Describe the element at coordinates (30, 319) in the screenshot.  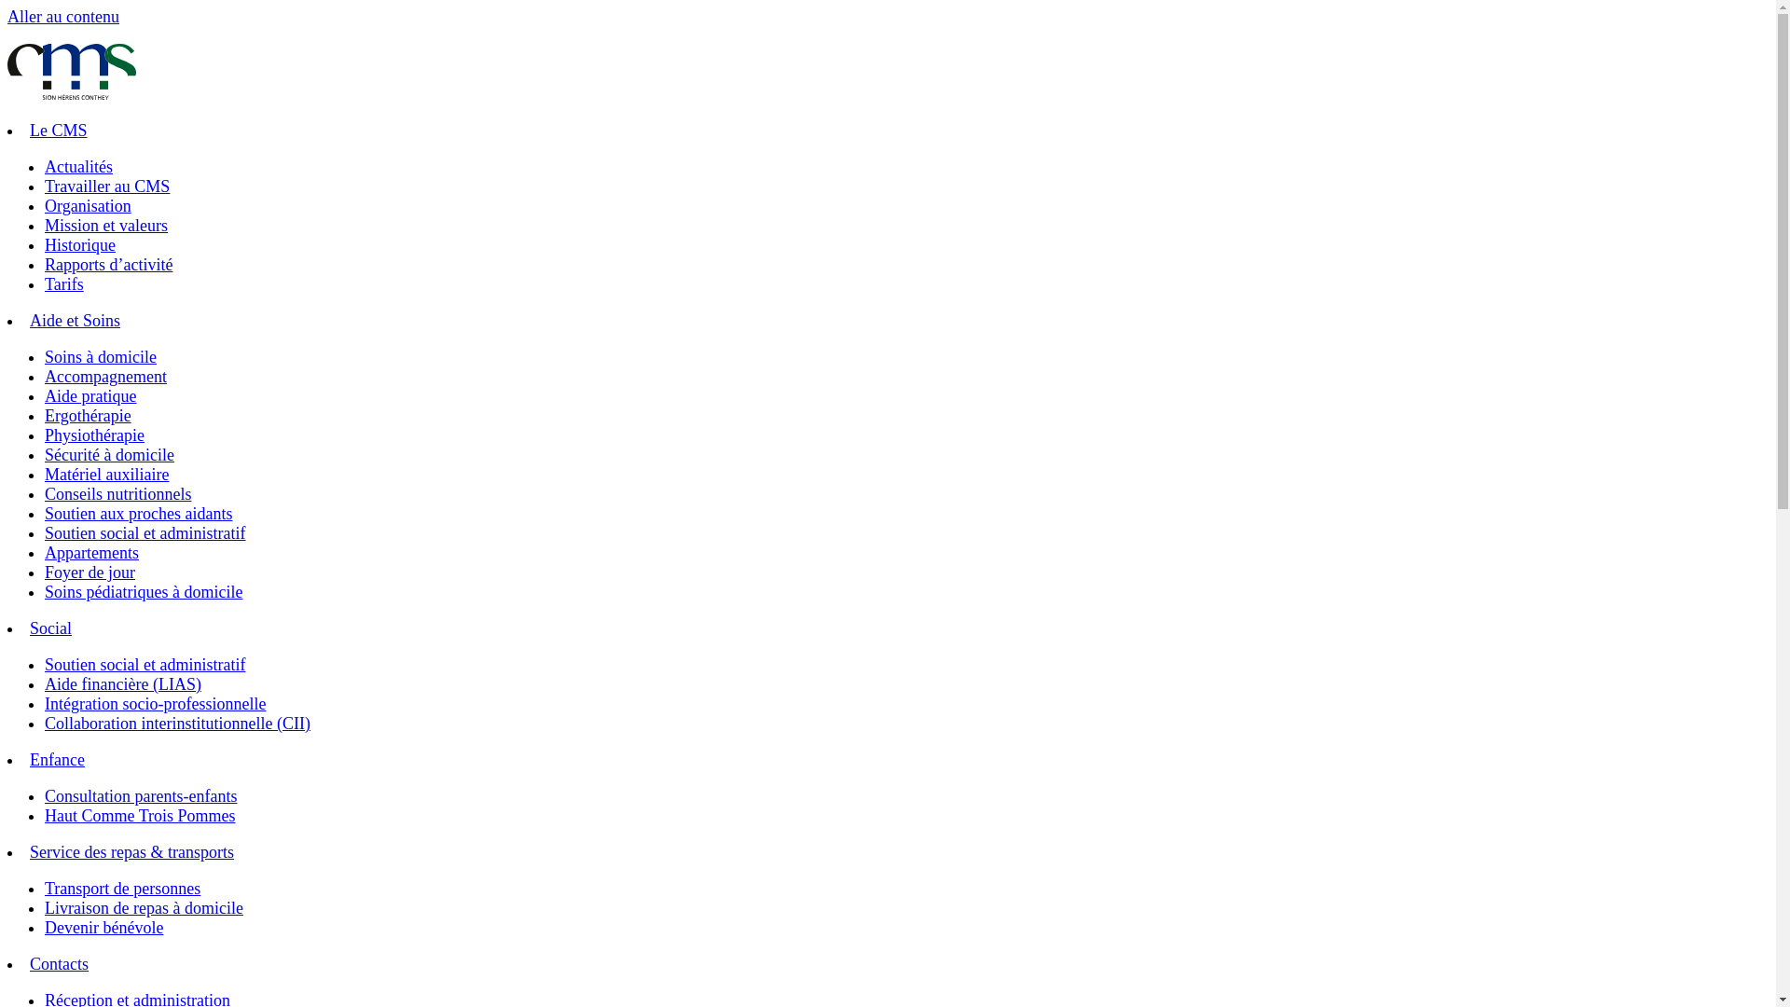
I see `'Aide et Soins'` at that location.